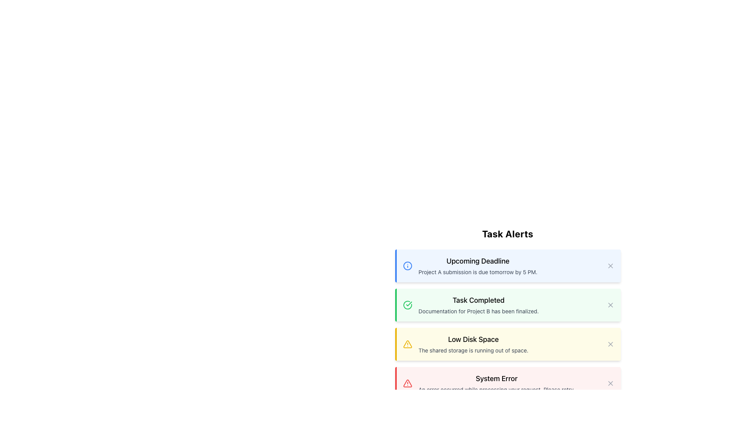  What do you see at coordinates (477, 271) in the screenshot?
I see `gray text stating 'Project A submission is due tomorrow by 5 PM.' located below the heading 'Upcoming Deadline' in the blue notification card` at bounding box center [477, 271].